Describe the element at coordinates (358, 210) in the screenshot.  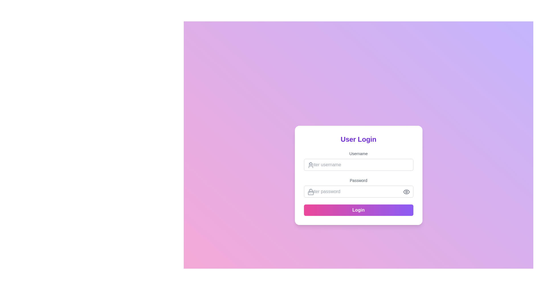
I see `the 'Login' button, which is a rectangular button with a gradient background from pink to violet and white text` at that location.